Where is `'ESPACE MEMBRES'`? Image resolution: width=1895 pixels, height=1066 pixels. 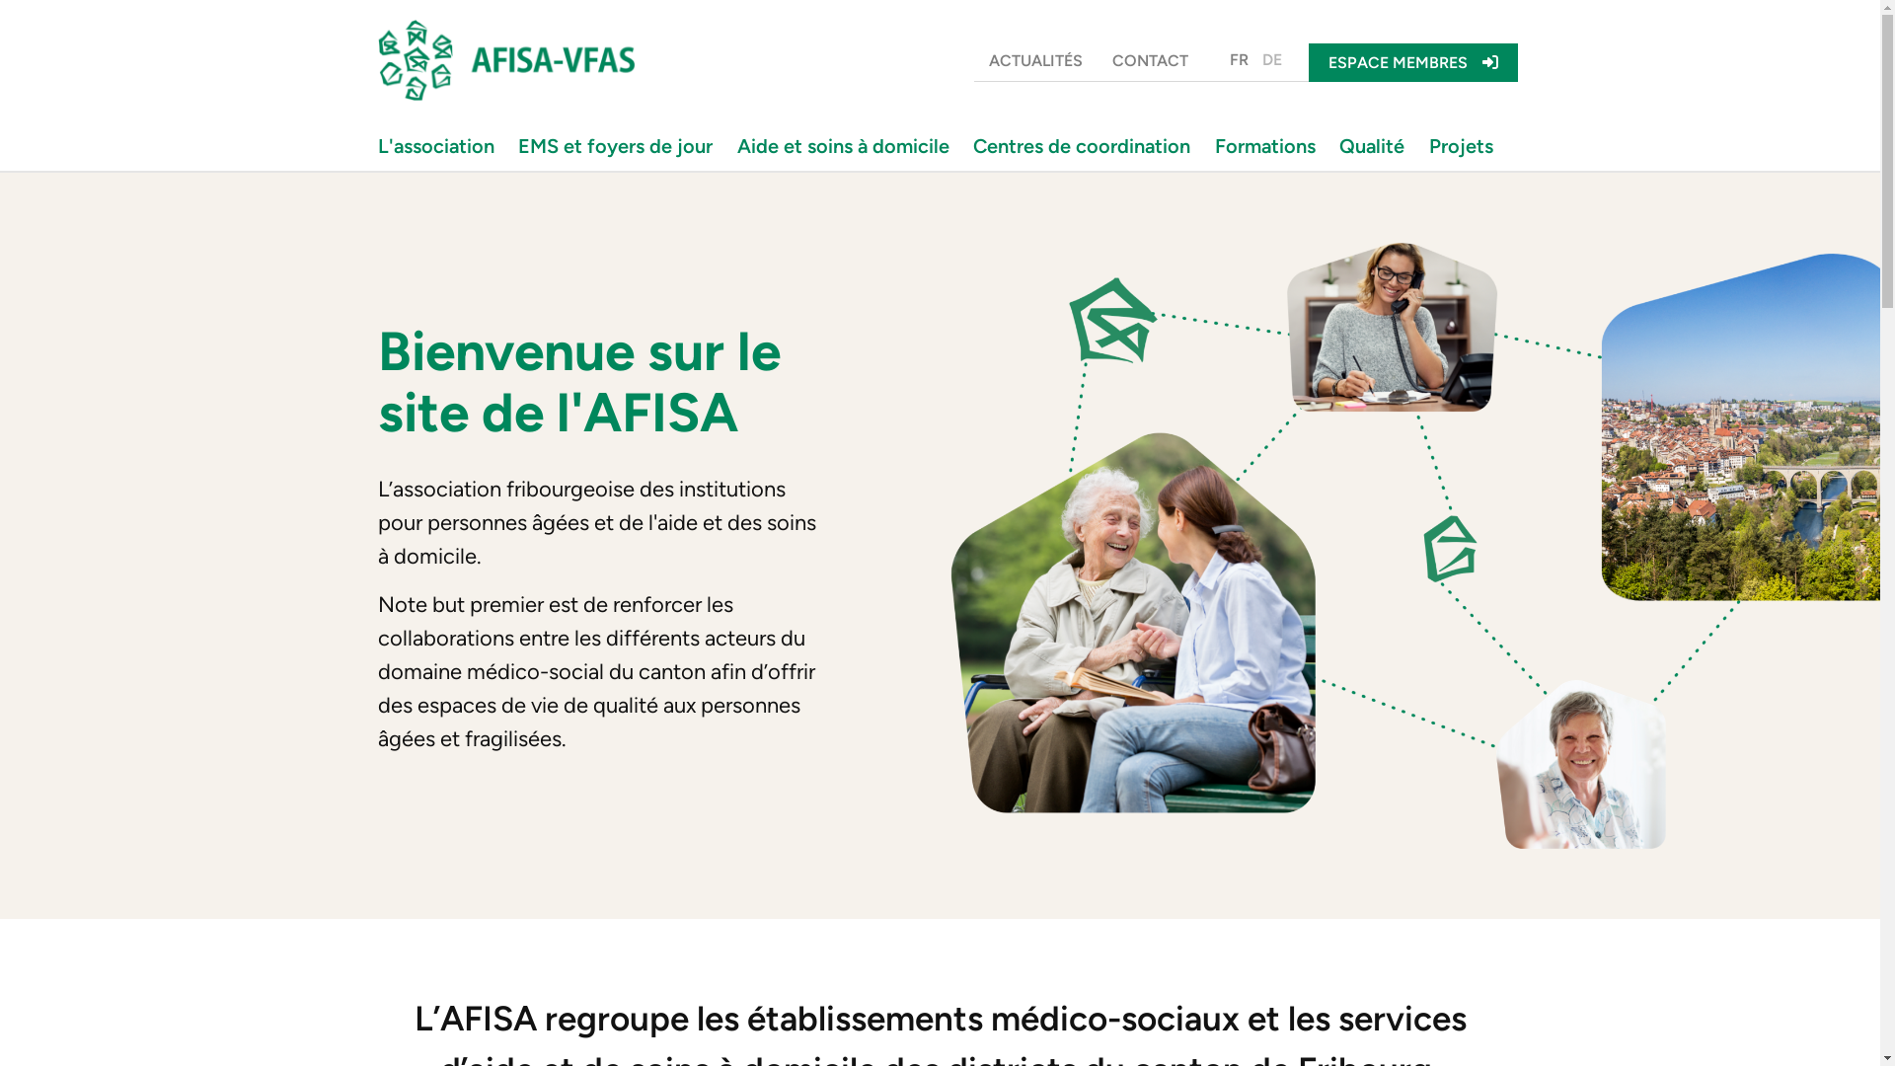
'ESPACE MEMBRES' is located at coordinates (1308, 61).